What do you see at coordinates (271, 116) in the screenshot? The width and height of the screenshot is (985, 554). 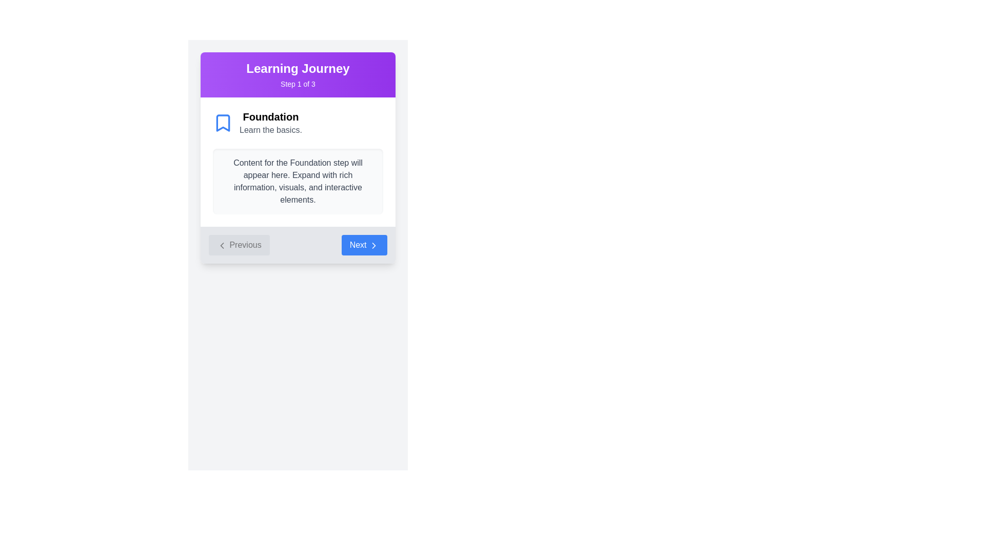 I see `the Text Label that serves as a heading for the content below, positioned under 'Learning Journey' and above 'Learn the basics.'` at bounding box center [271, 116].